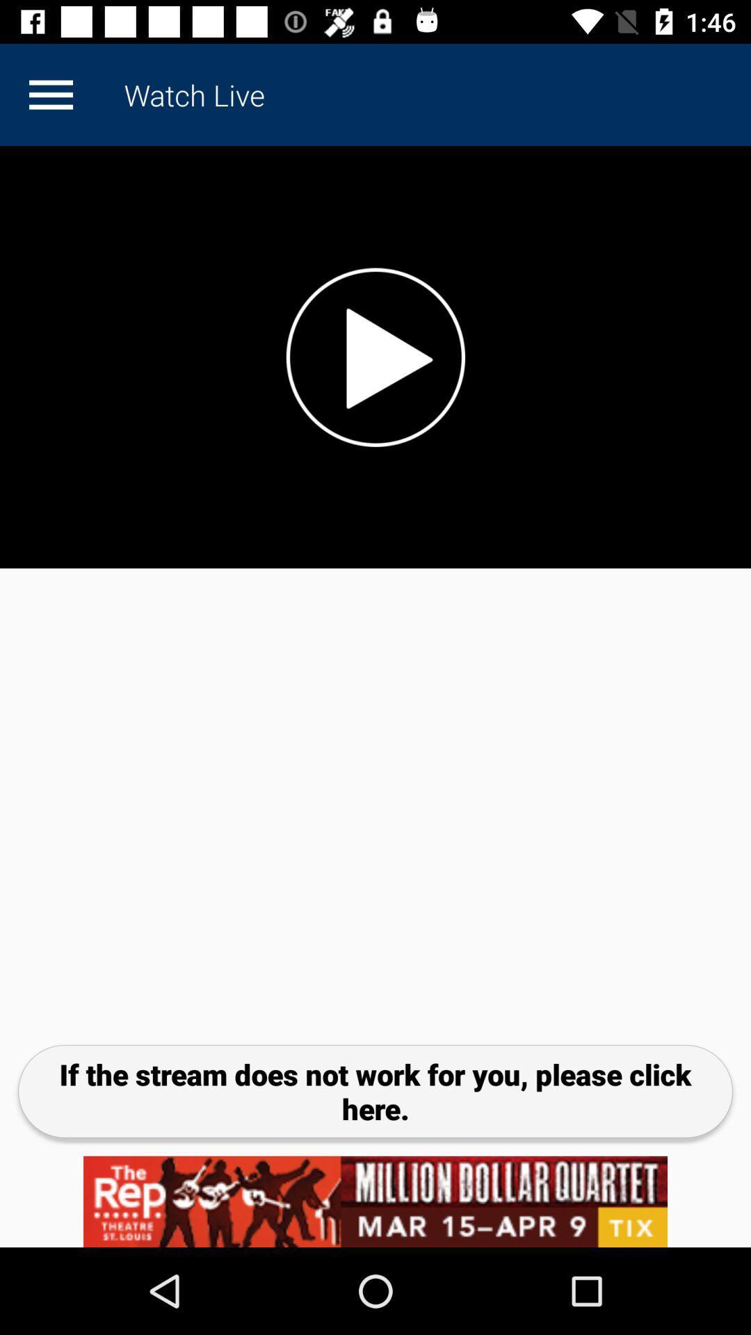  What do you see at coordinates (375, 1201) in the screenshot?
I see `click on advertisement` at bounding box center [375, 1201].